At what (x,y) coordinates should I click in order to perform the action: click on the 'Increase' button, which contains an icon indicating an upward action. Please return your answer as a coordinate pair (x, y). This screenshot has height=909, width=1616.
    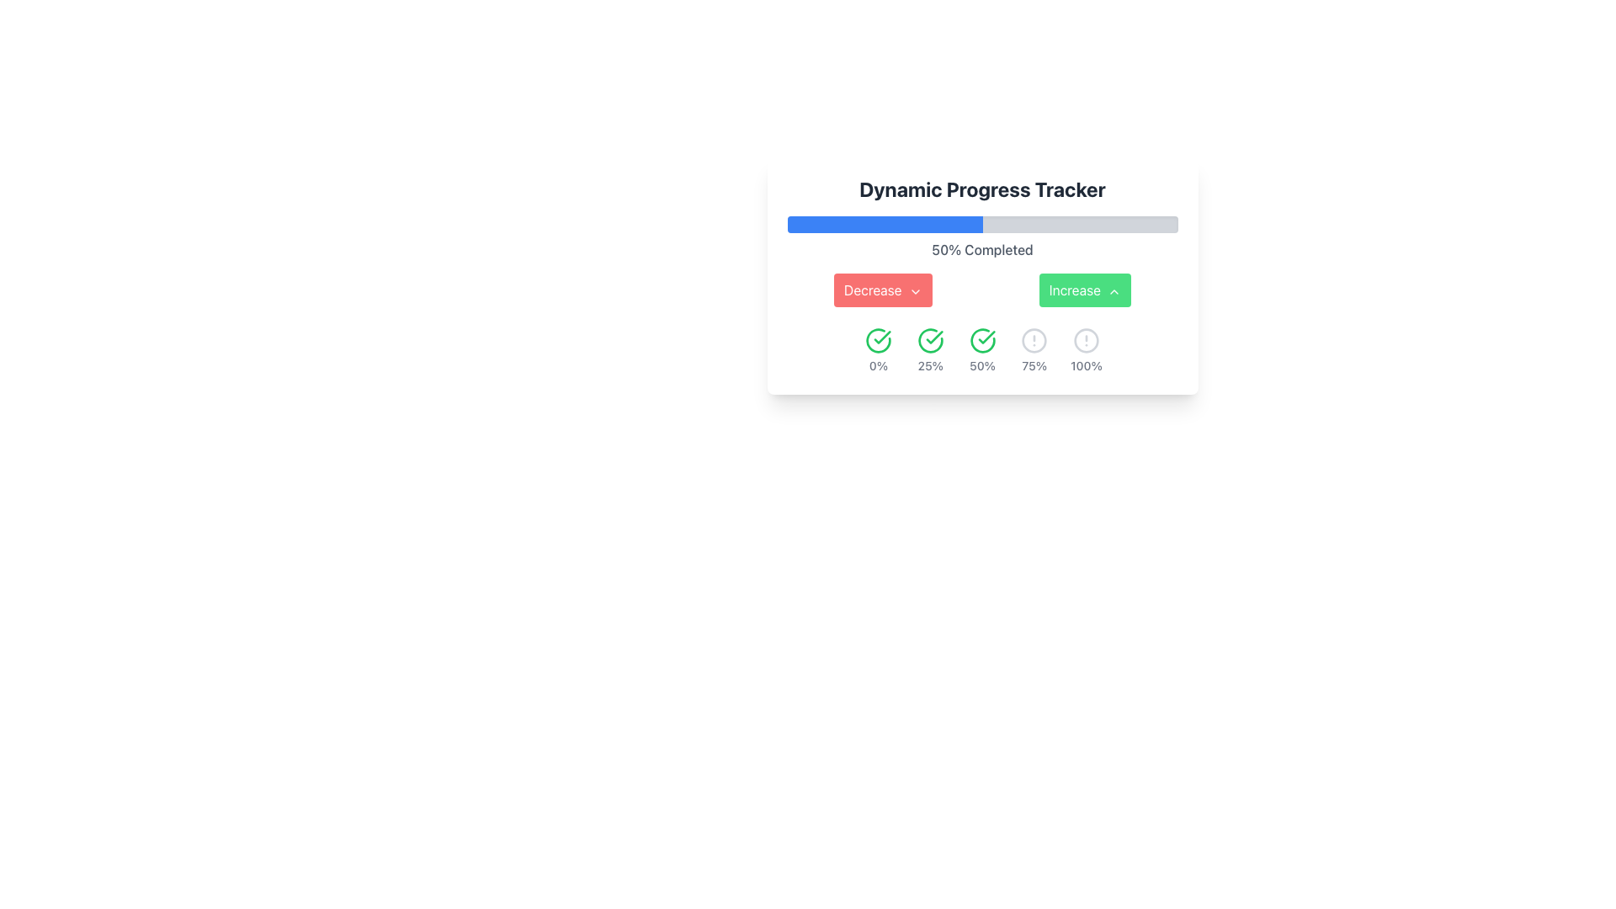
    Looking at the image, I should click on (1114, 290).